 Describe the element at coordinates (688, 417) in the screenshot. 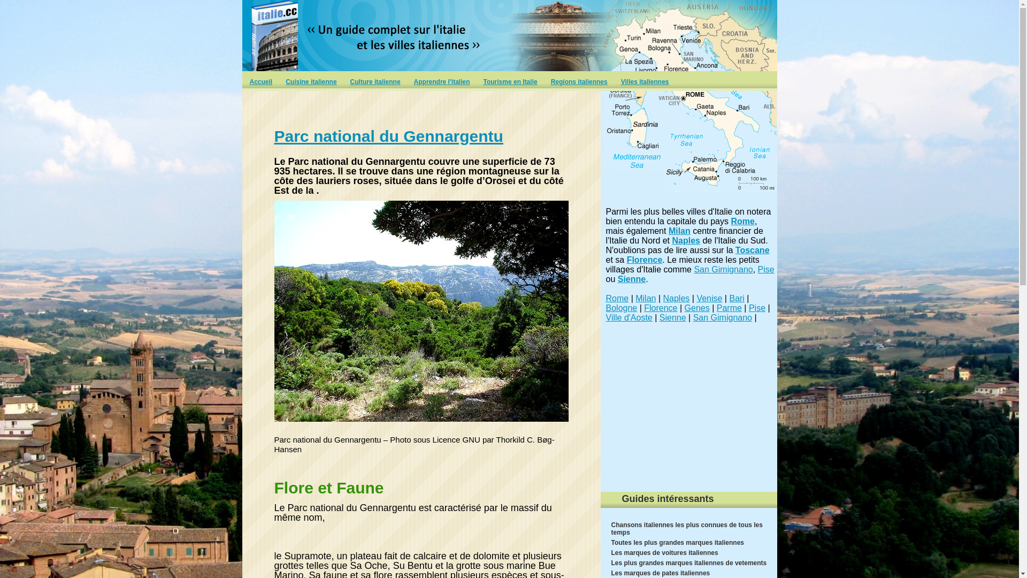

I see `'Advertisement'` at that location.